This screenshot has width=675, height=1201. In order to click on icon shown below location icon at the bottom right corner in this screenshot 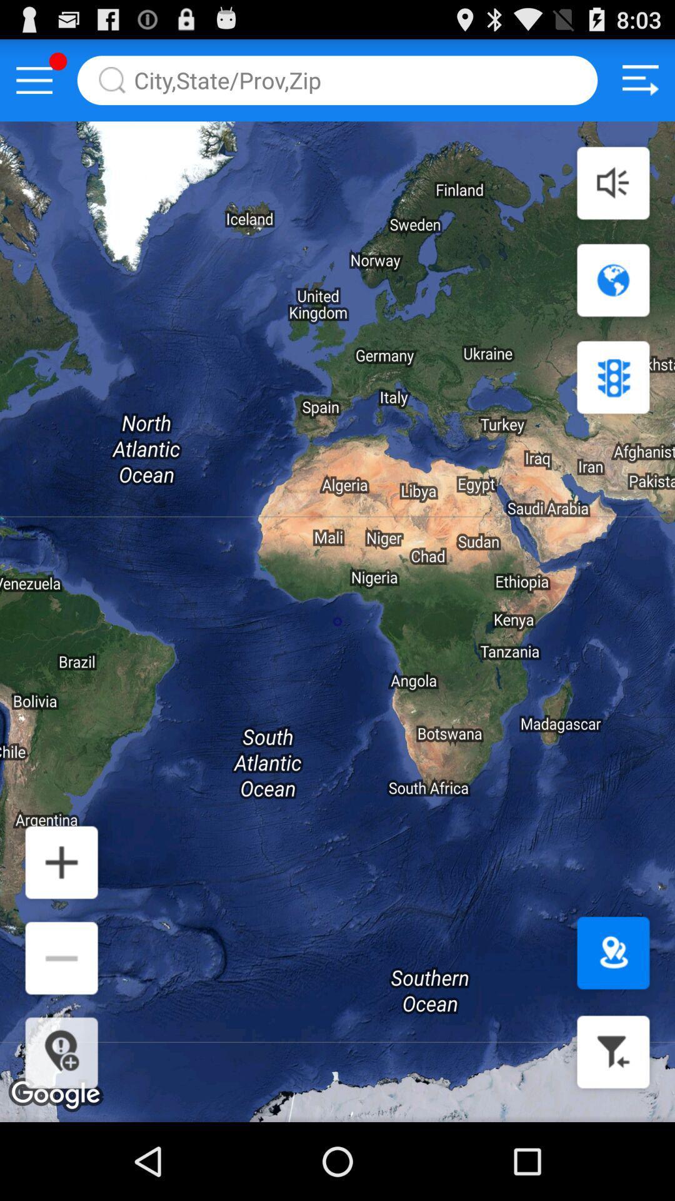, I will do `click(612, 1051)`.